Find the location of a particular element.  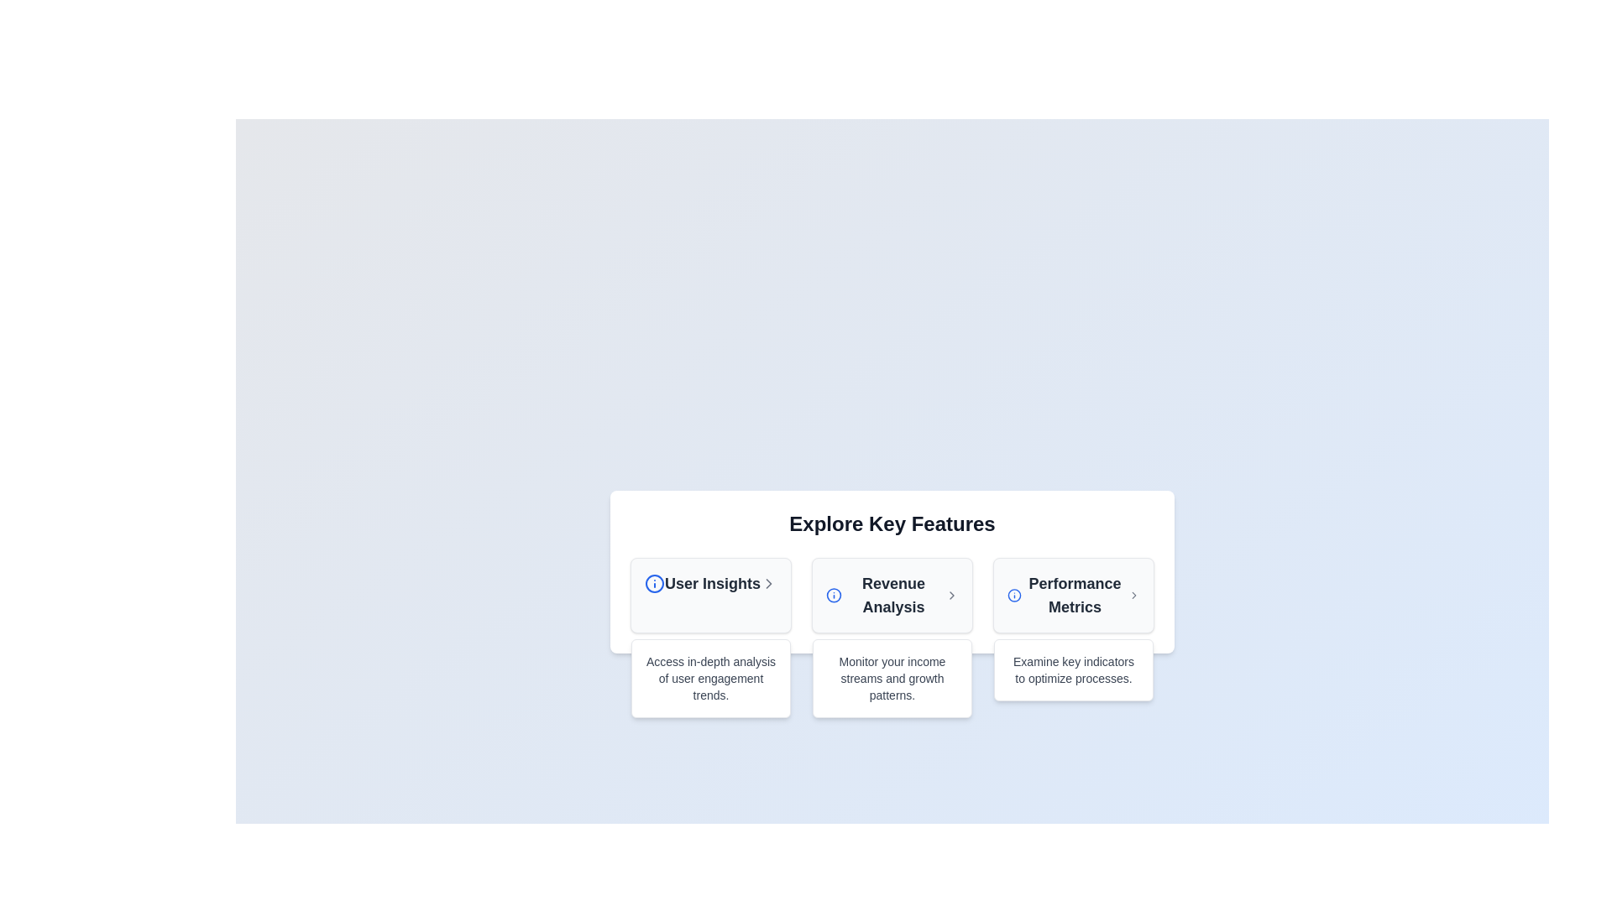

the text label for 'Performance Metrics', which is located in the bottom-right part of a row of elements labeled 'User Insights', 'Revenue Analysis', and 'Performance Metrics' is located at coordinates (1075, 594).